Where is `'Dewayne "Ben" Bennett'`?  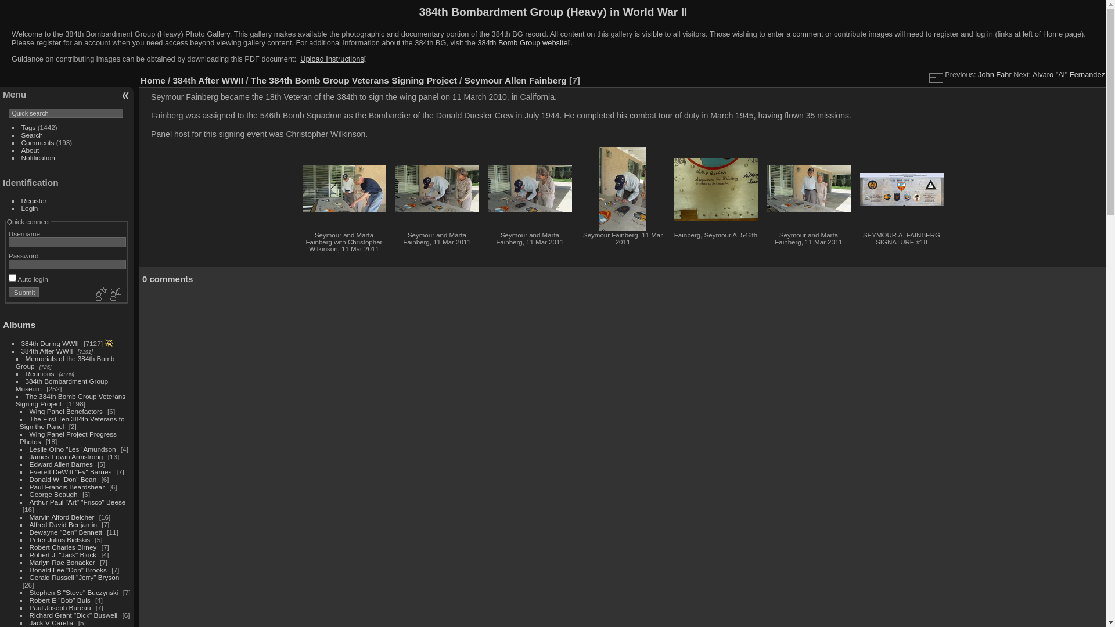
'Dewayne "Ben" Bennett' is located at coordinates (65, 532).